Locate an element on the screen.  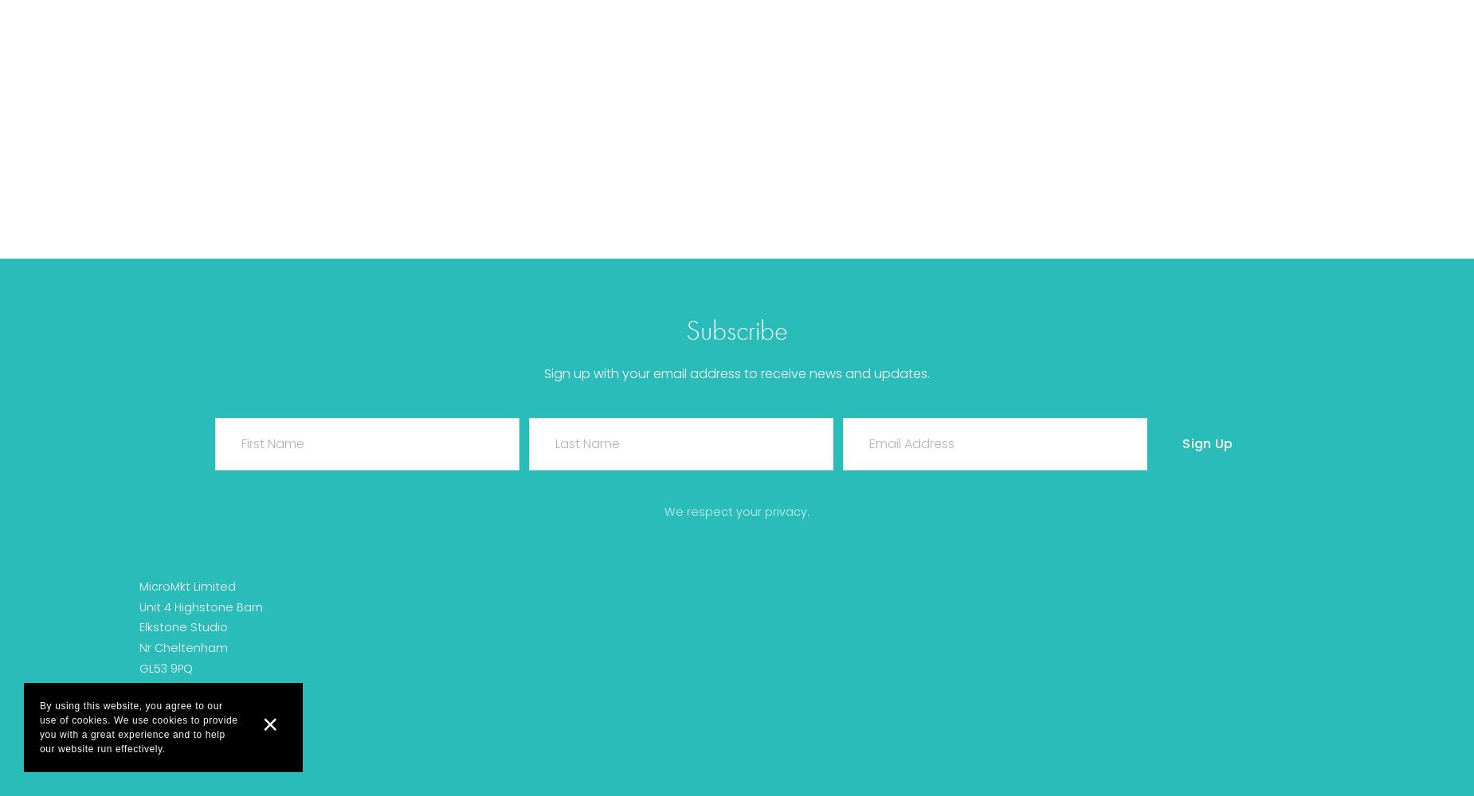
'MicroMkt Limited' is located at coordinates (186, 585).